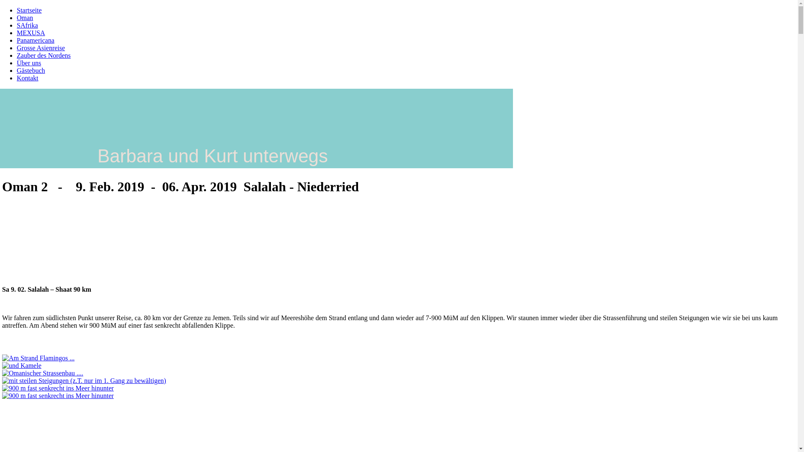  I want to click on 'Grosse Asienreise', so click(40, 48).